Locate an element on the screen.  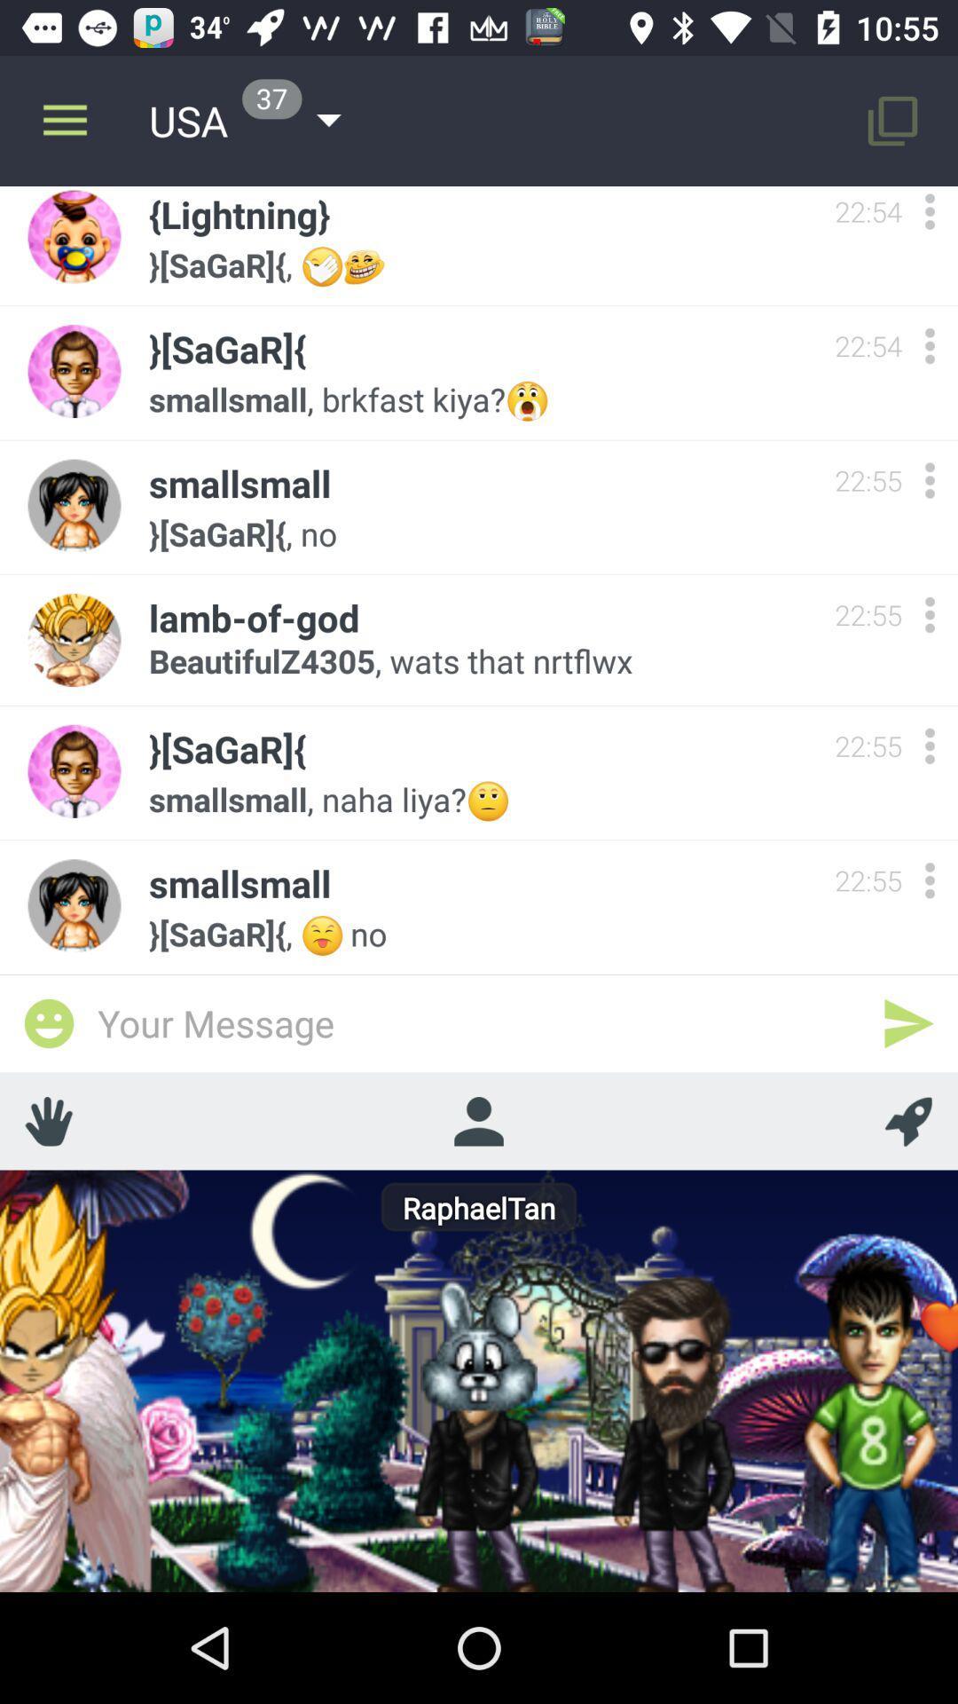
settings button is located at coordinates (929, 880).